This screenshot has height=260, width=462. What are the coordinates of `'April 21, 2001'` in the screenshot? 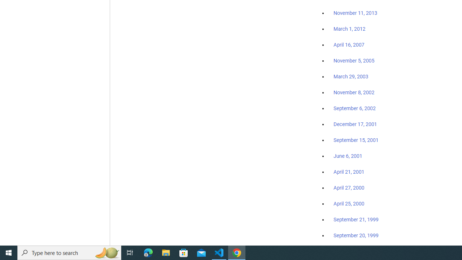 It's located at (349, 172).